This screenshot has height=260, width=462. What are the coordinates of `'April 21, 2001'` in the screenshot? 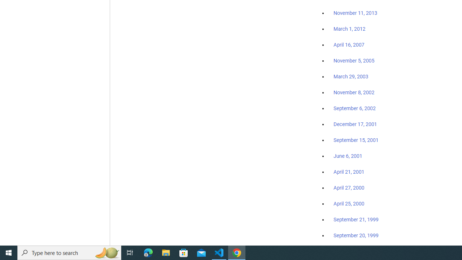 It's located at (349, 172).